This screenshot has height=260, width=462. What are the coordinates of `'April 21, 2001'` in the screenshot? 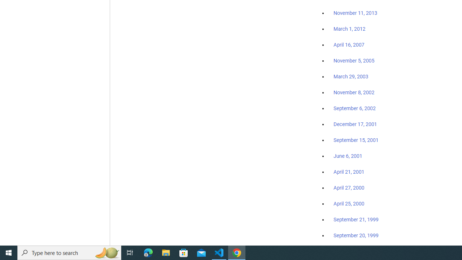 It's located at (349, 172).